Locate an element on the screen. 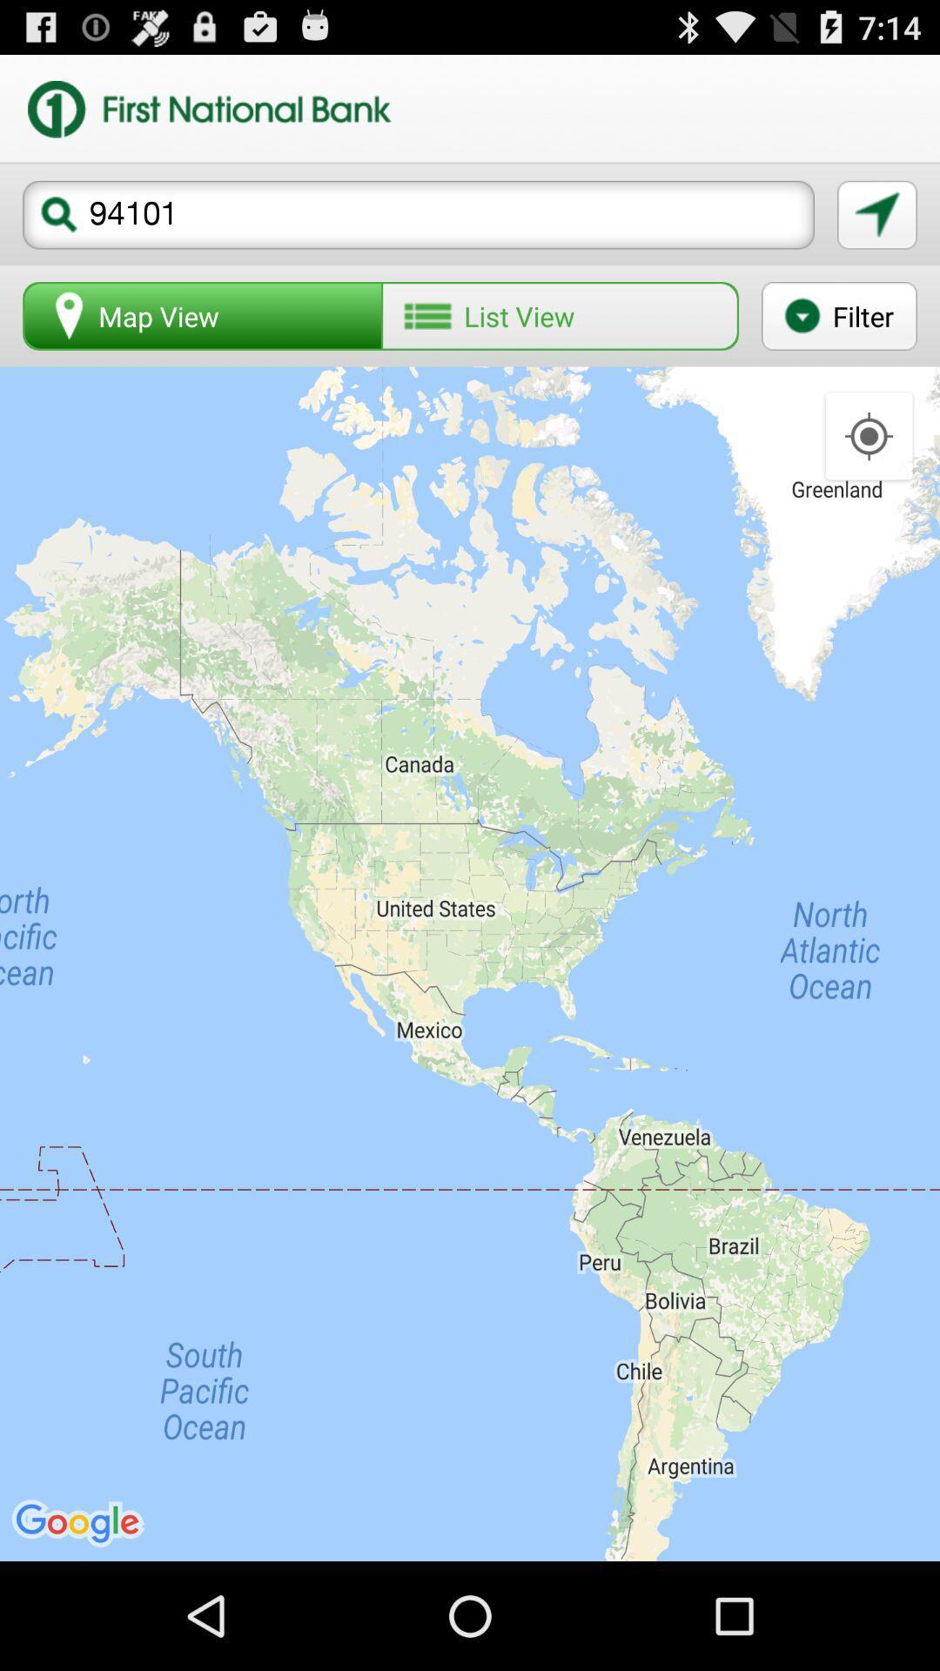 The height and width of the screenshot is (1671, 940). icon below 94101 is located at coordinates (838, 316).